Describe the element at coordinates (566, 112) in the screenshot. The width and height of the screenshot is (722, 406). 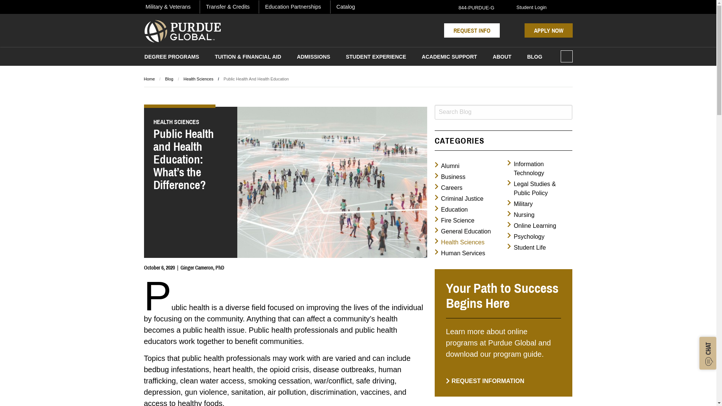
I see `'Search Blog Button'` at that location.